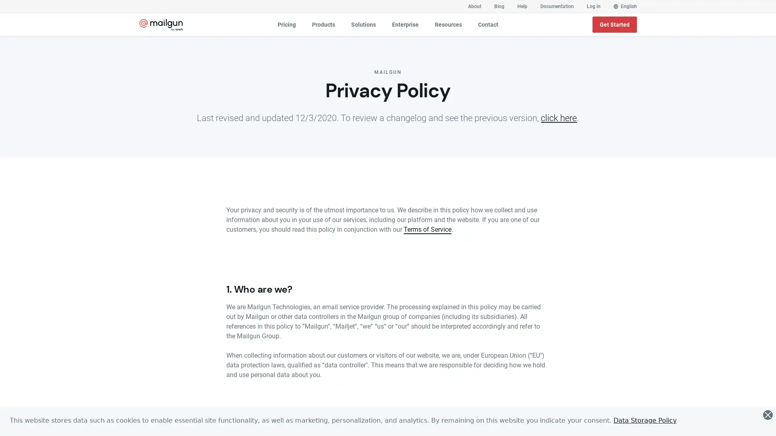  What do you see at coordinates (522, 6) in the screenshot?
I see `Help` at bounding box center [522, 6].